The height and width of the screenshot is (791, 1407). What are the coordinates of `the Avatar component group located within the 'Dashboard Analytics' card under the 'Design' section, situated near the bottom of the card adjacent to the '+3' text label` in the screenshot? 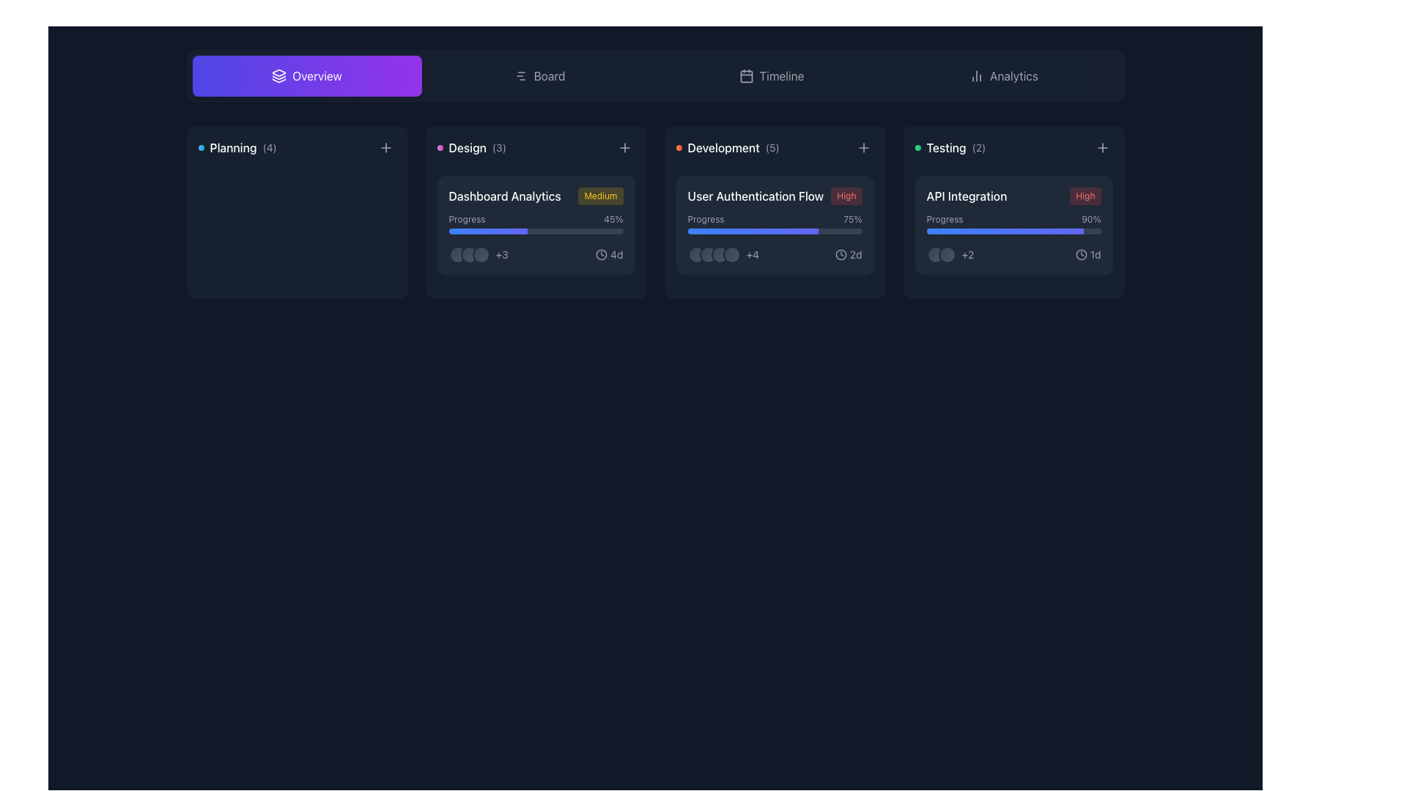 It's located at (469, 253).